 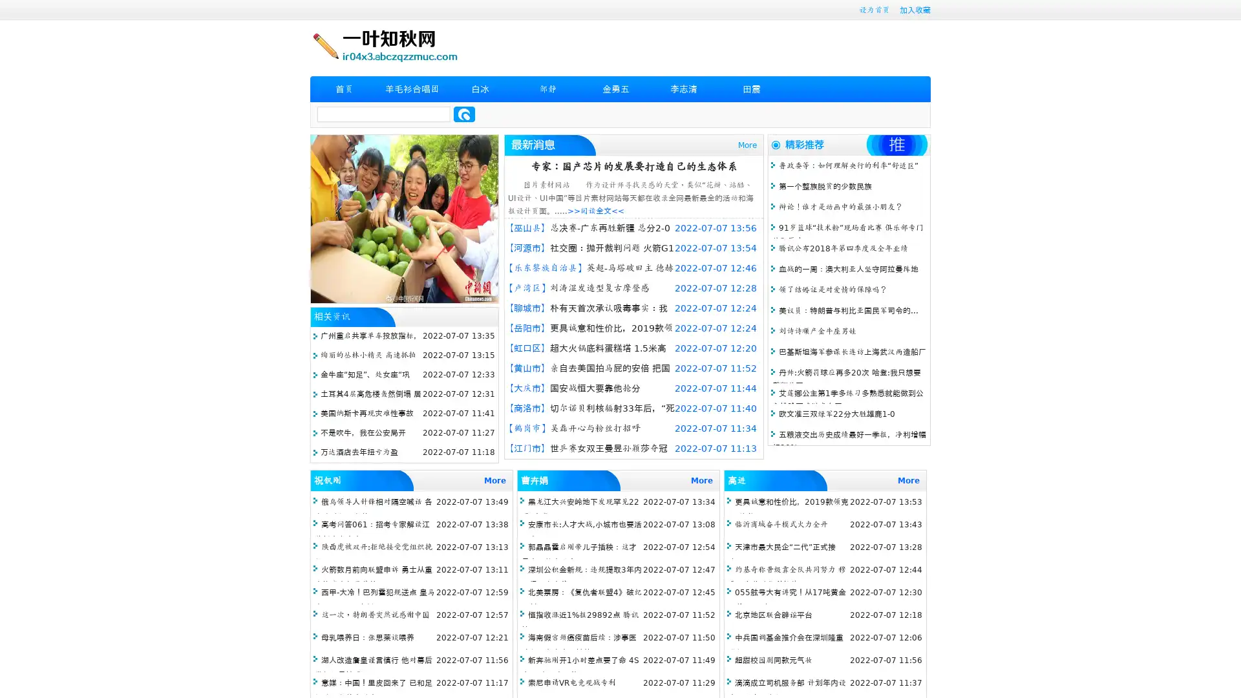 I want to click on Search, so click(x=464, y=114).